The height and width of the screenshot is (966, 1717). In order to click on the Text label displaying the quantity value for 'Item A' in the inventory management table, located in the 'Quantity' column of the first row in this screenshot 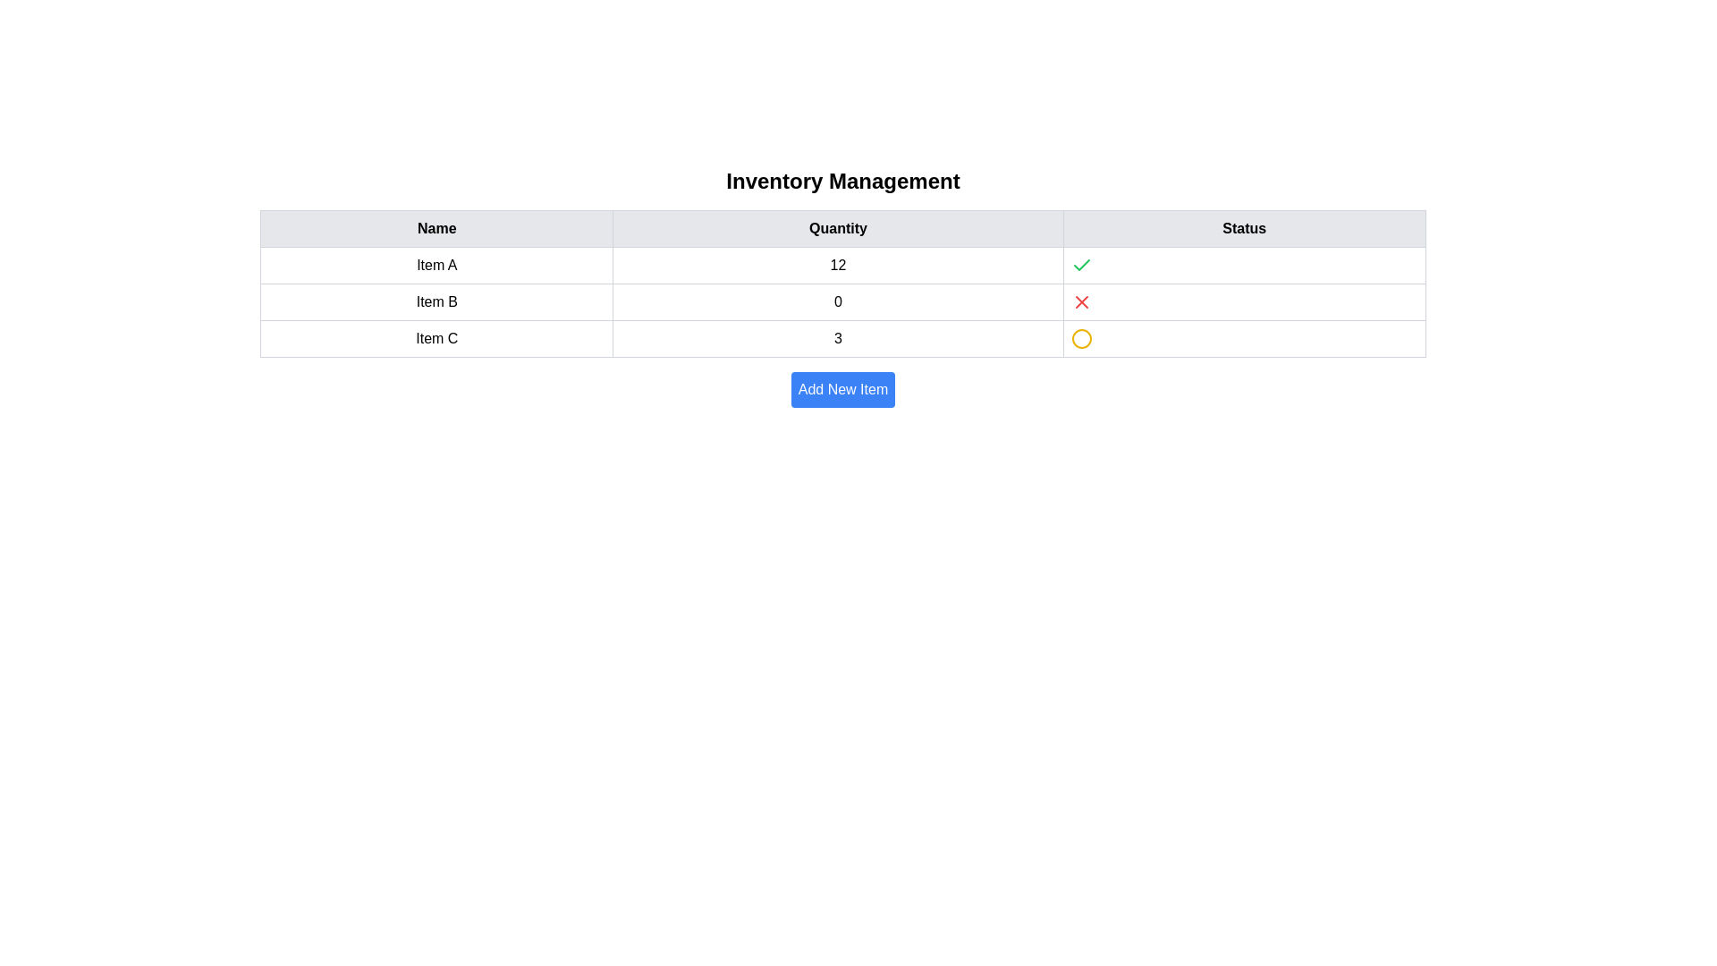, I will do `click(837, 266)`.